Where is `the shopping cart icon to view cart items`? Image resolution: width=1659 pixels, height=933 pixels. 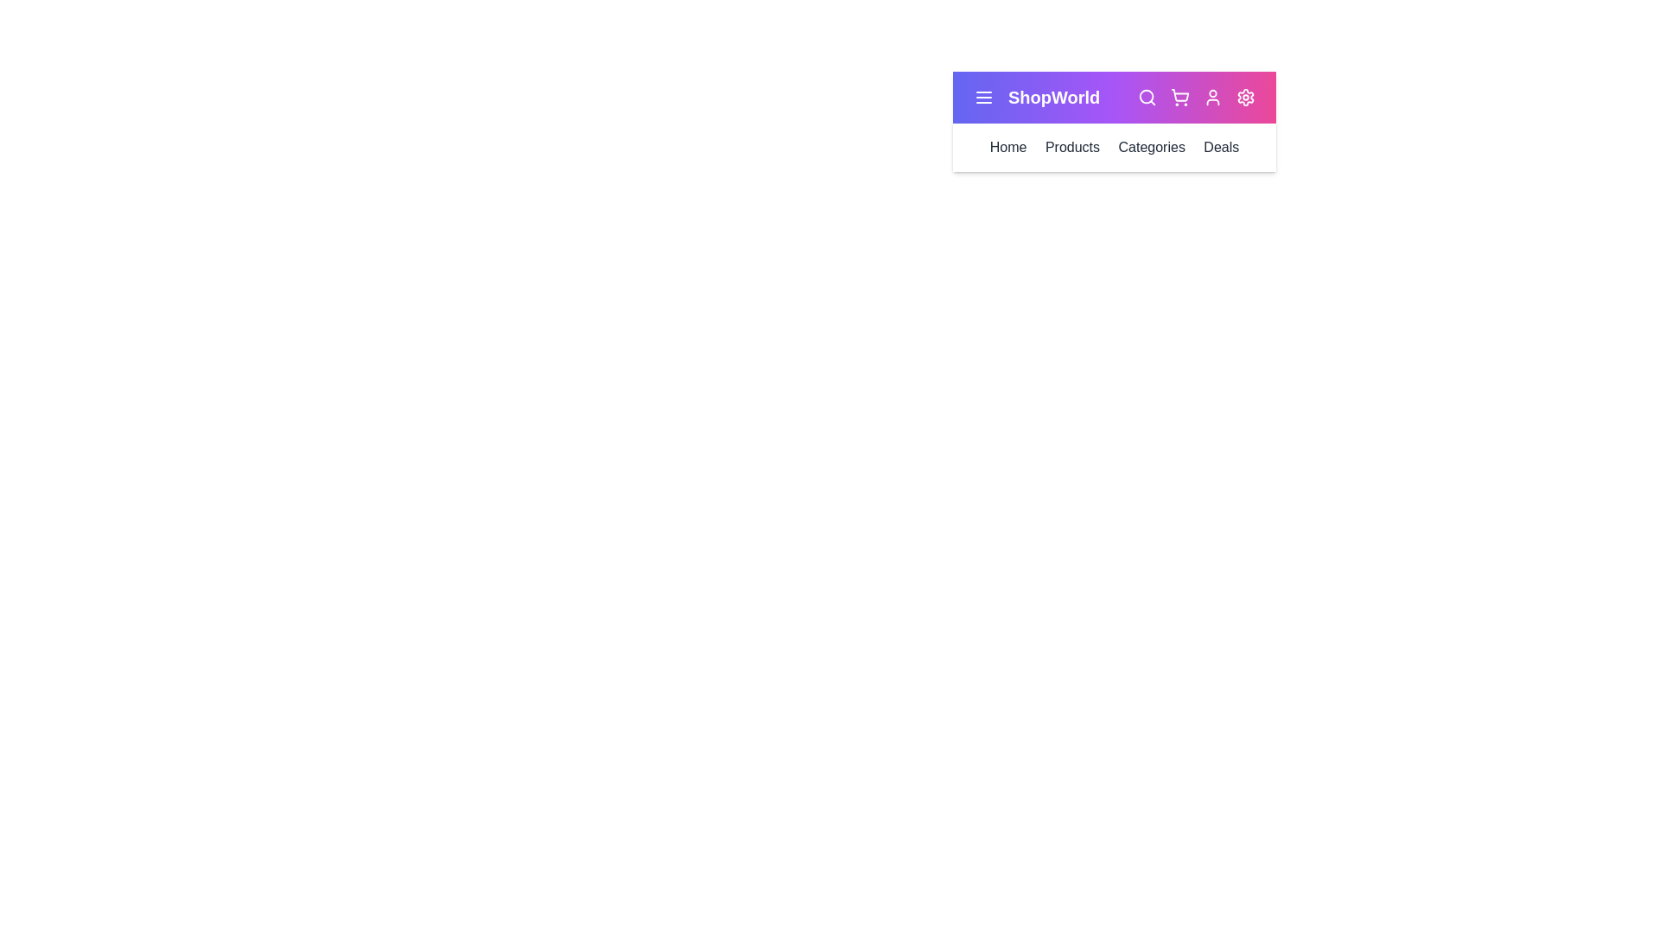
the shopping cart icon to view cart items is located at coordinates (1179, 97).